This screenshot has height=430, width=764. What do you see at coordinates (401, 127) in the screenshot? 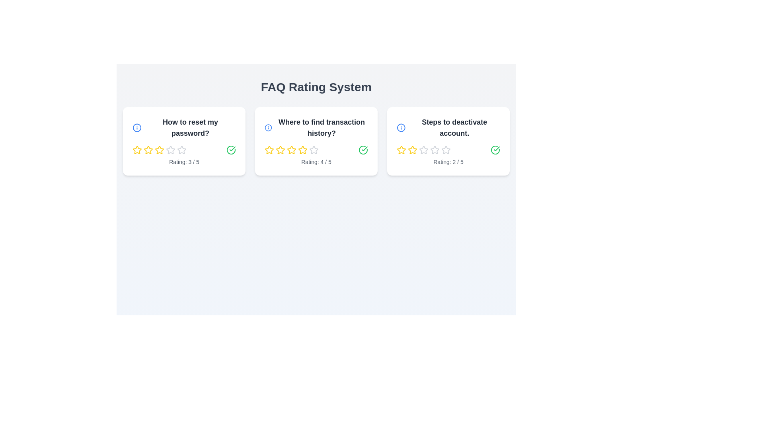
I see `the information icon of the FAQ card titled 'Steps to deactivate account.'` at bounding box center [401, 127].